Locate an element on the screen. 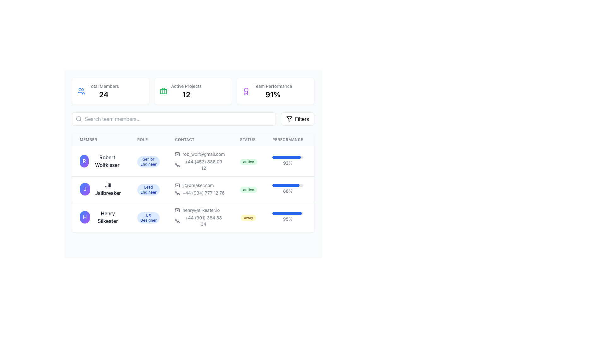 The height and width of the screenshot is (340, 606). the avatar in the Profile information display for the member located in the first row of the team member listing is located at coordinates (100, 161).